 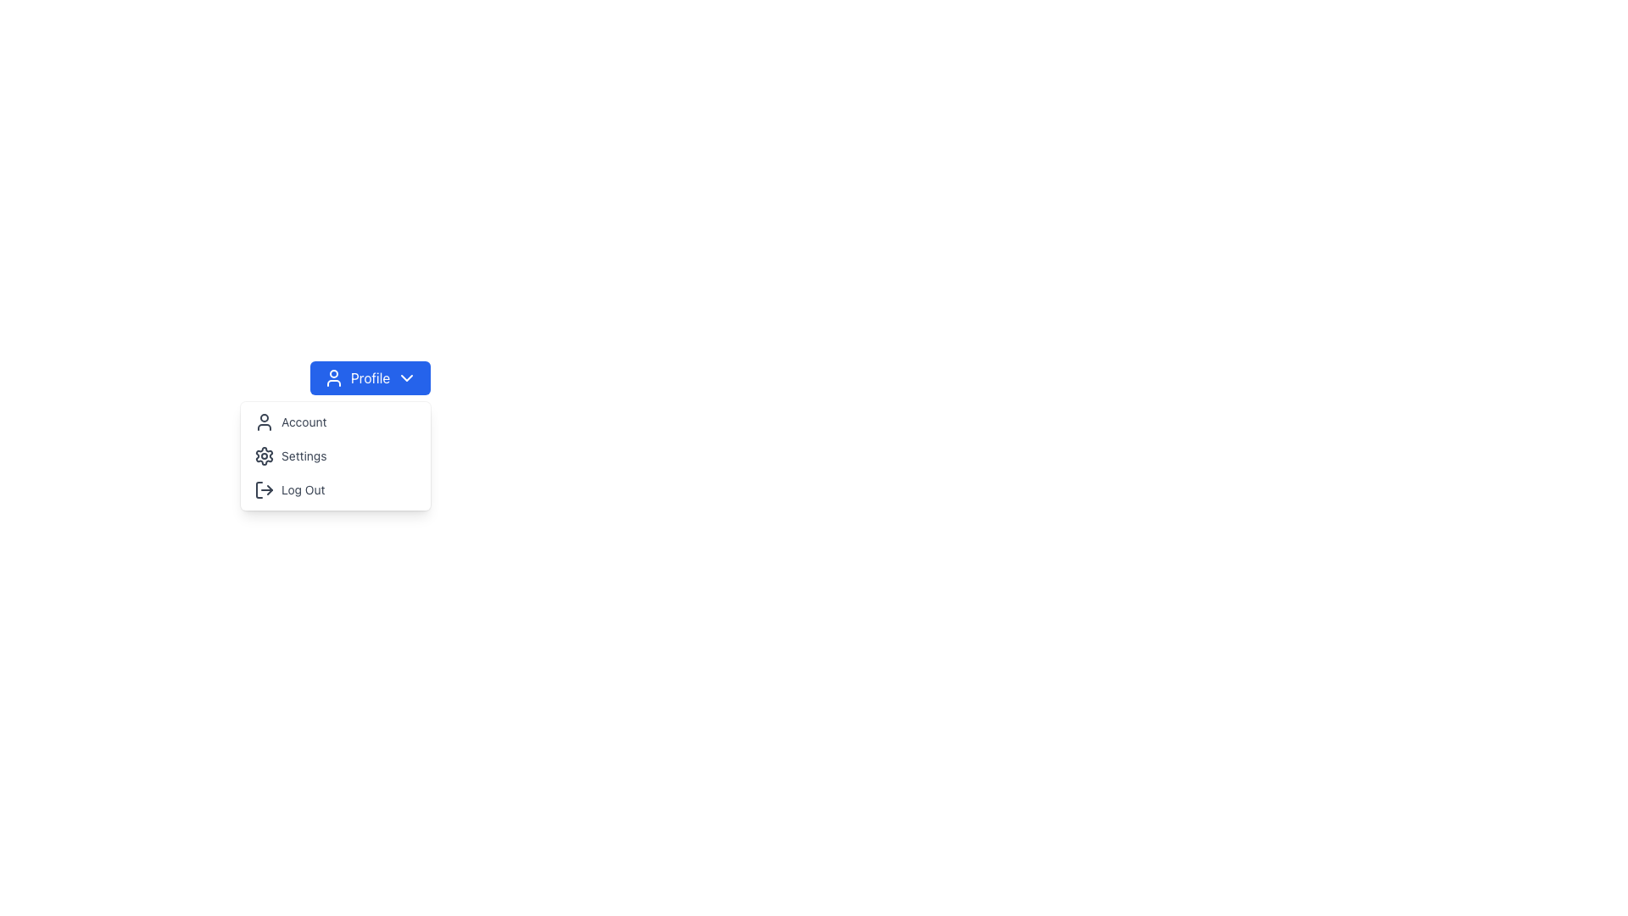 I want to click on the 'Account' menu icon located below the 'Profile' button in the top-right section of the interface, so click(x=264, y=421).